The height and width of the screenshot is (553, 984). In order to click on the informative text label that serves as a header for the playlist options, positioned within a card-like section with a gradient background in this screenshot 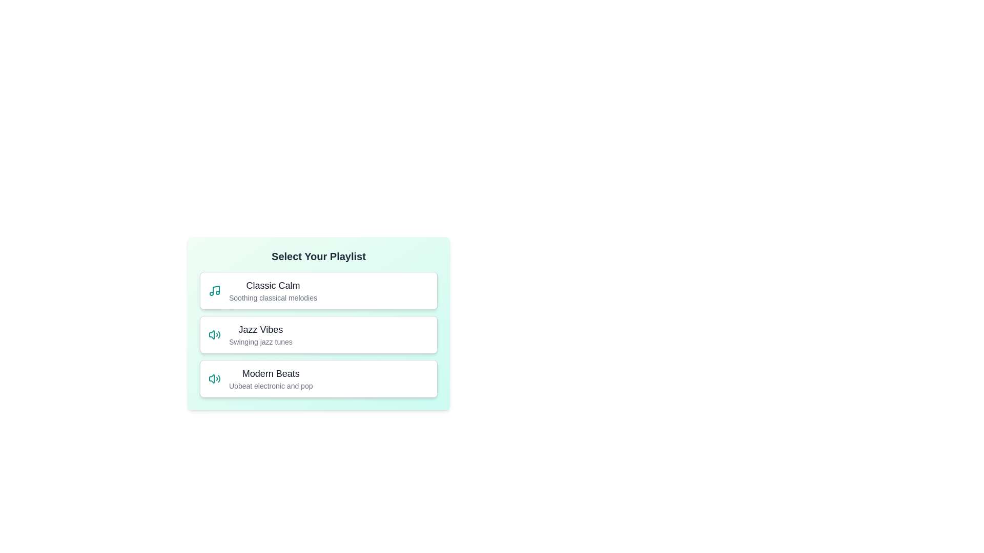, I will do `click(318, 256)`.